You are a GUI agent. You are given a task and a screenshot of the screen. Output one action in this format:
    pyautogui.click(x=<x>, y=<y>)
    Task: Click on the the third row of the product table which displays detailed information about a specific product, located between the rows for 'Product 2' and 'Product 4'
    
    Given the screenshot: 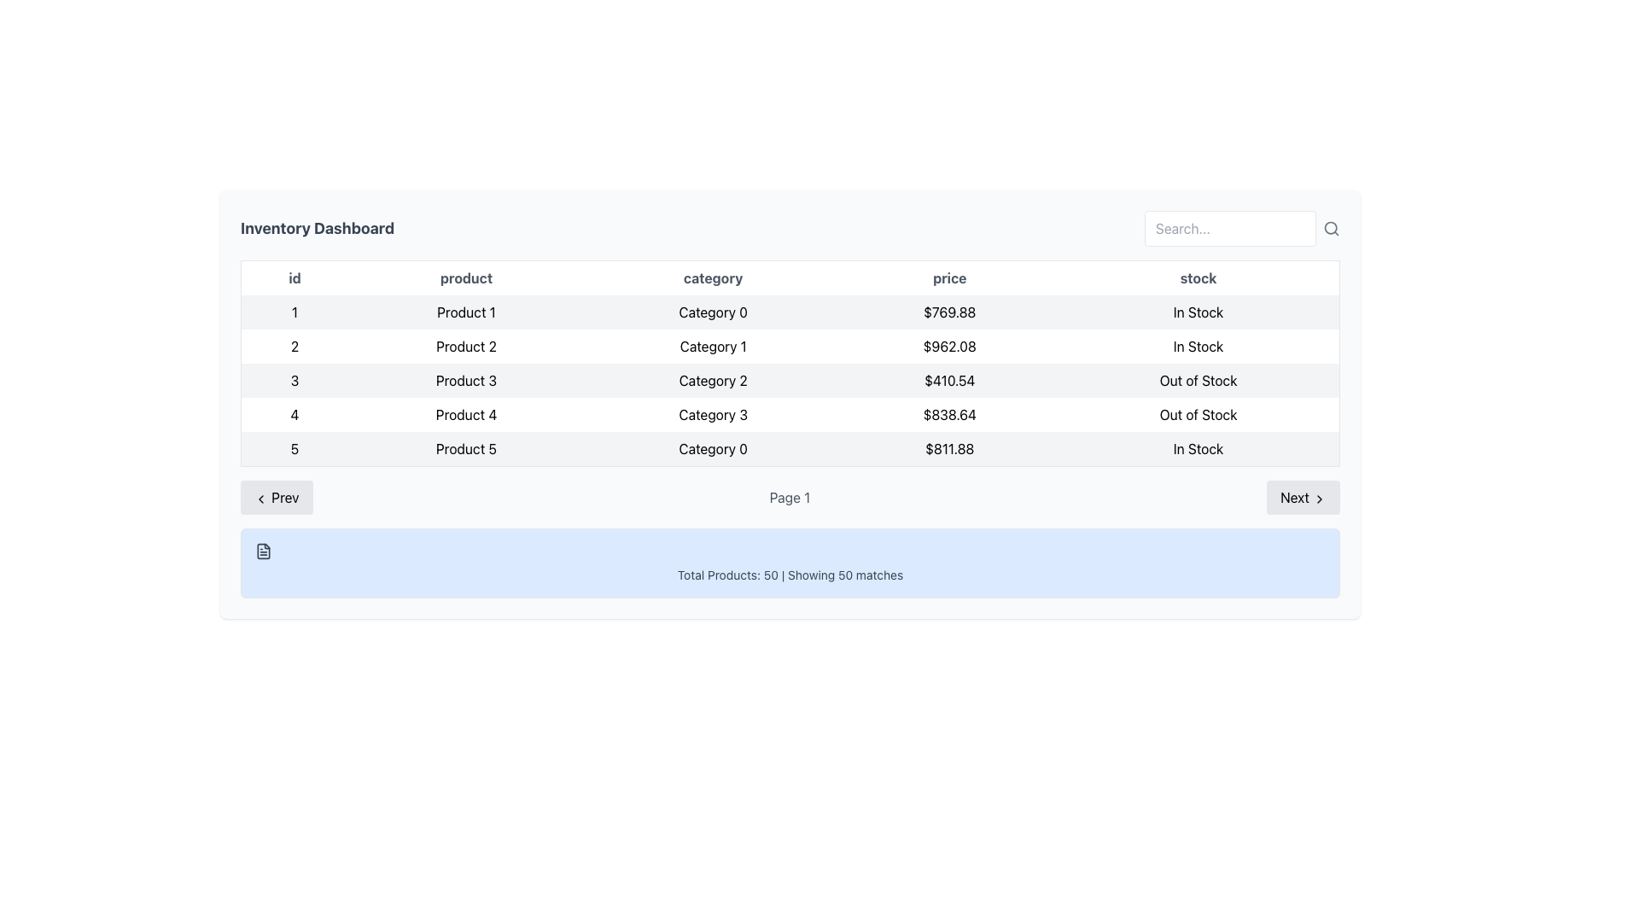 What is the action you would take?
    pyautogui.click(x=790, y=380)
    